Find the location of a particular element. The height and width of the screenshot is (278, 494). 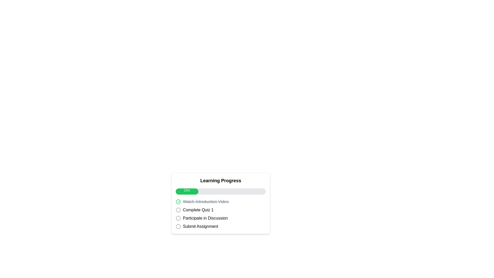

the second circular icon next to the text 'Participate in Discussion' in the 'Learning Progress' list is located at coordinates (178, 218).